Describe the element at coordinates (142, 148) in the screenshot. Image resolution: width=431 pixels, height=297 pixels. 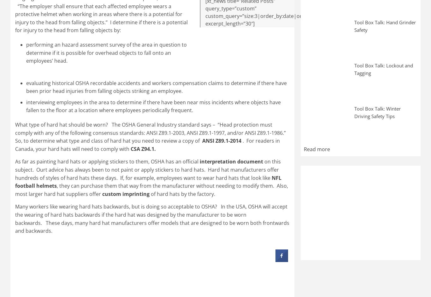
I see `'CSA Z94.1'` at that location.